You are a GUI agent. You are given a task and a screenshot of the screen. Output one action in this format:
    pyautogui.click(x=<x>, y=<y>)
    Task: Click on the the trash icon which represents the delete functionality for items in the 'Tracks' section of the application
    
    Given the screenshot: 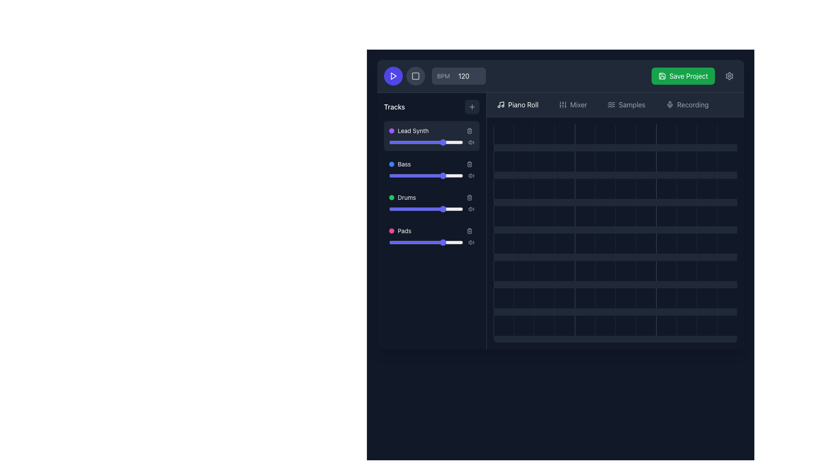 What is the action you would take?
    pyautogui.click(x=469, y=131)
    